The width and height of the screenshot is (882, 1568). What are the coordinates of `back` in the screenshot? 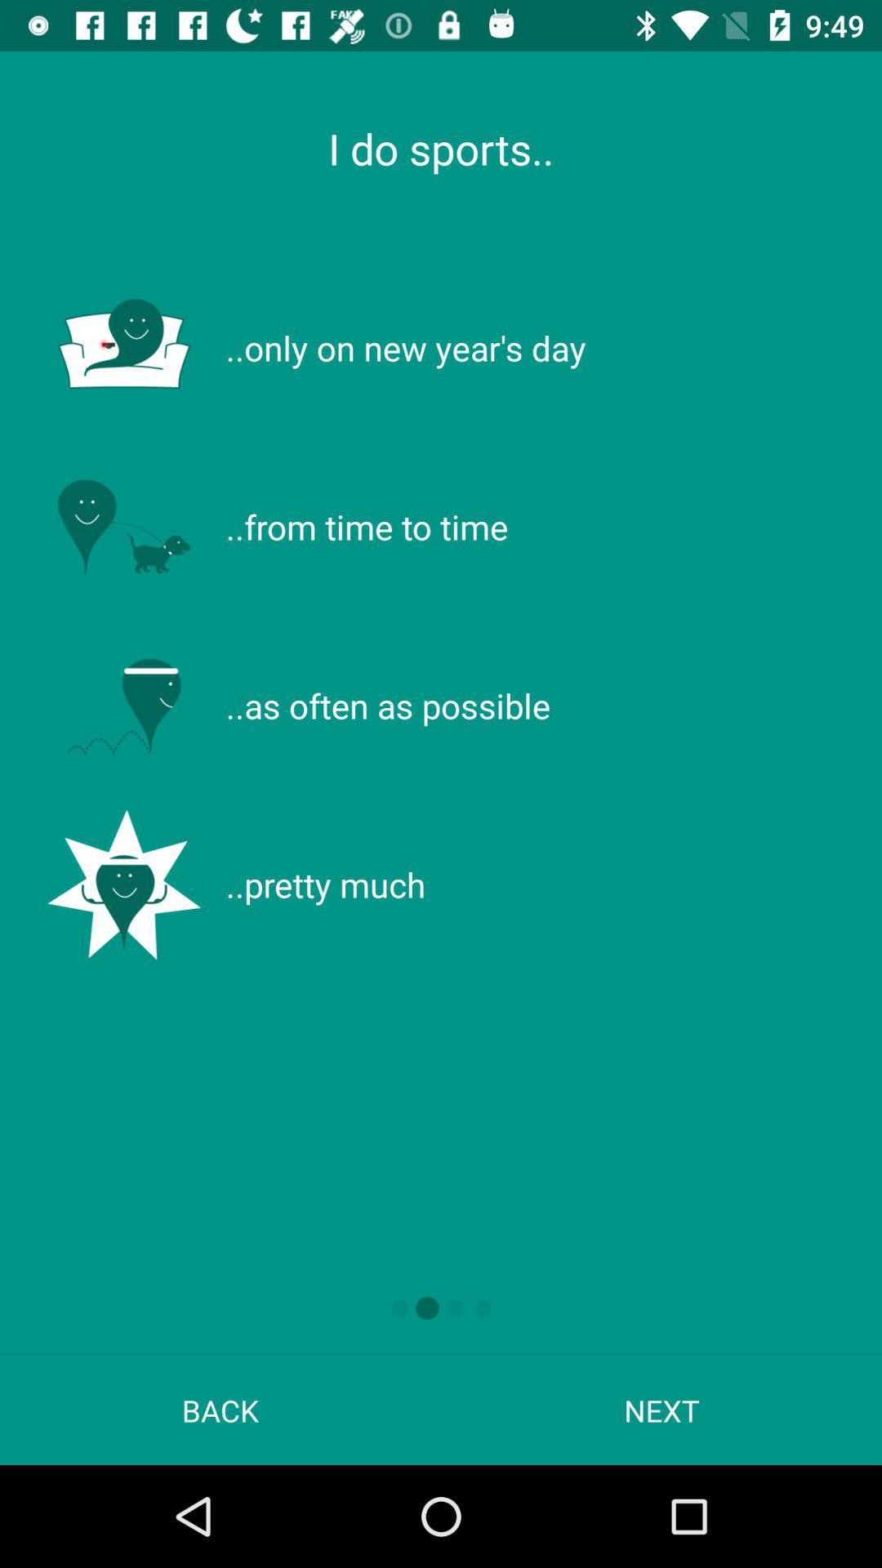 It's located at (220, 1410).